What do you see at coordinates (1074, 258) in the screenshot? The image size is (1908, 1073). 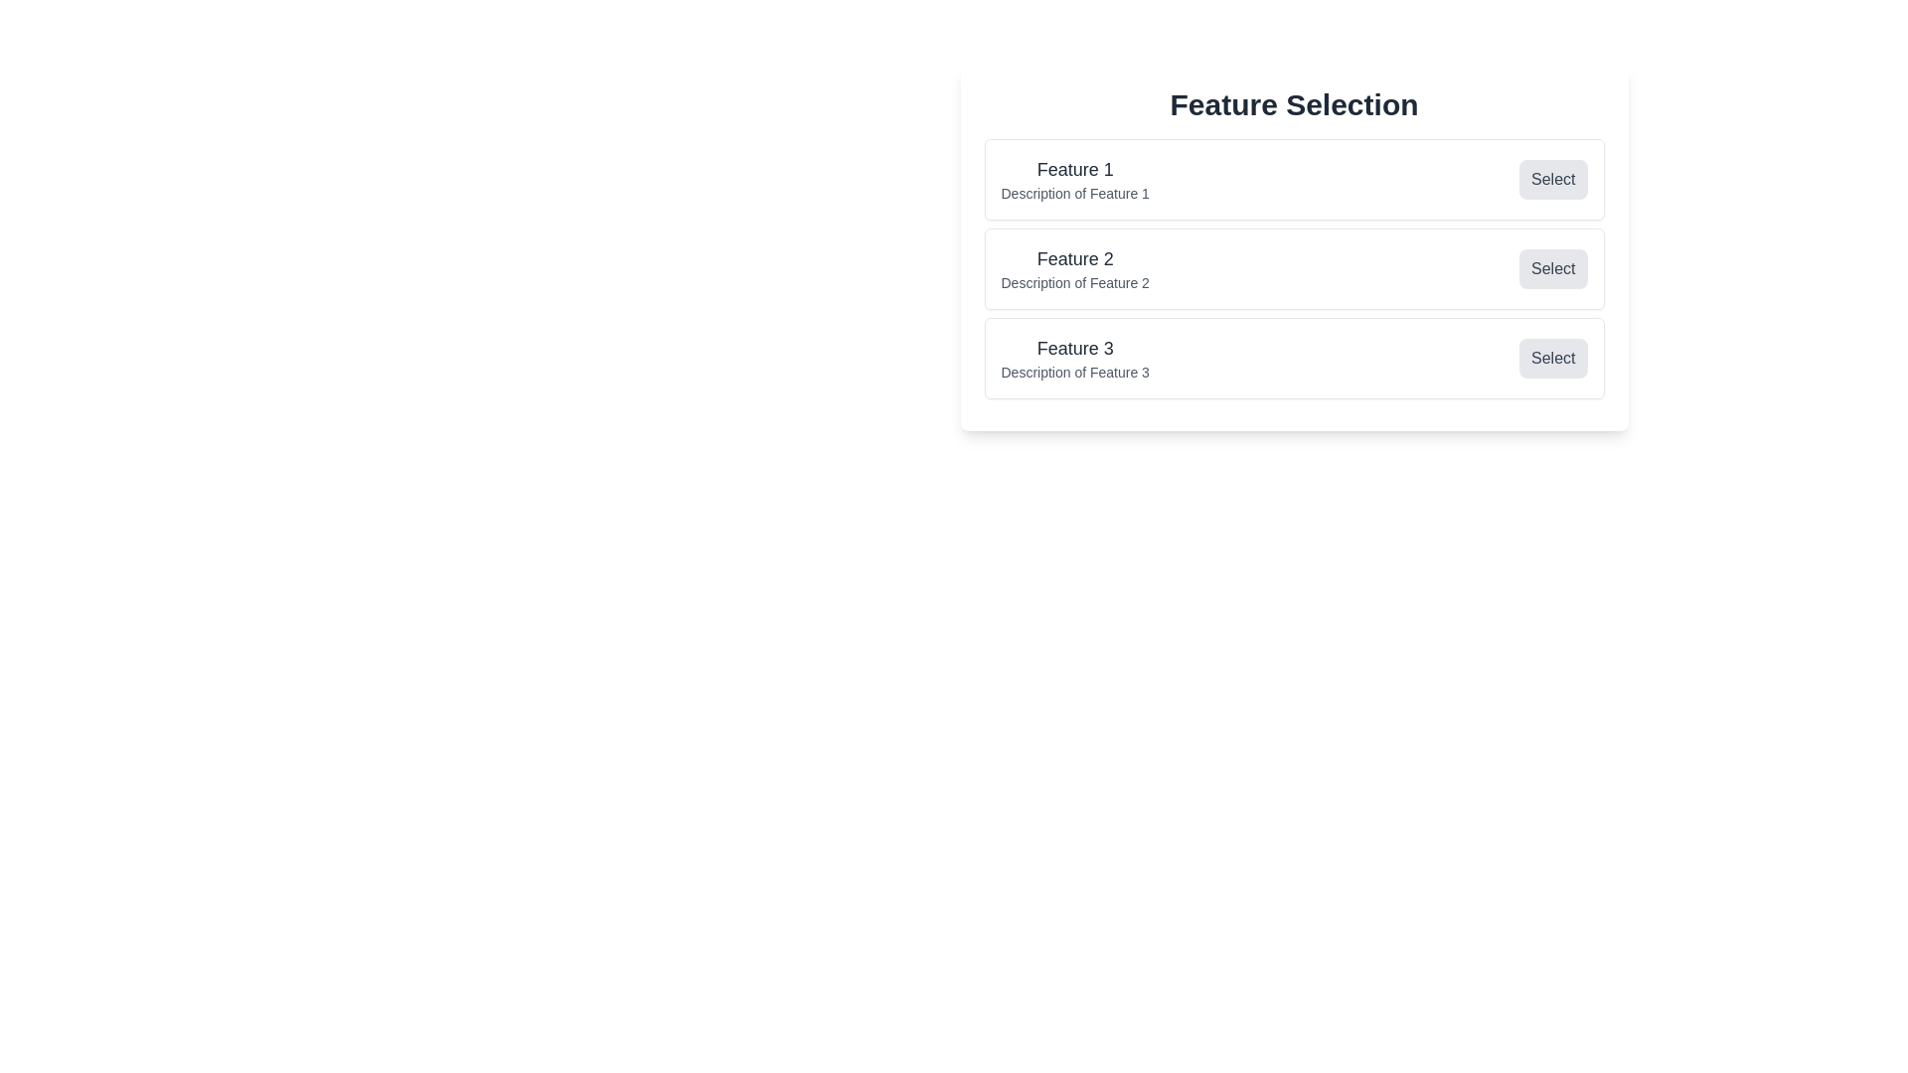 I see `the text label that serves as the title for the second feature in the list under 'Feature Selection'` at bounding box center [1074, 258].